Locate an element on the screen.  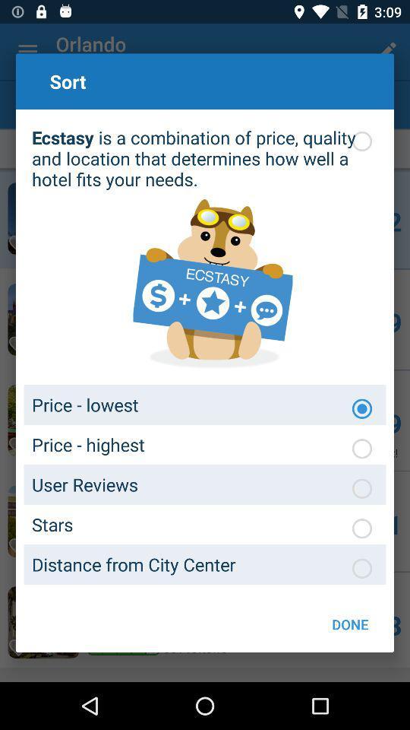
price lowest is located at coordinates (361, 408).